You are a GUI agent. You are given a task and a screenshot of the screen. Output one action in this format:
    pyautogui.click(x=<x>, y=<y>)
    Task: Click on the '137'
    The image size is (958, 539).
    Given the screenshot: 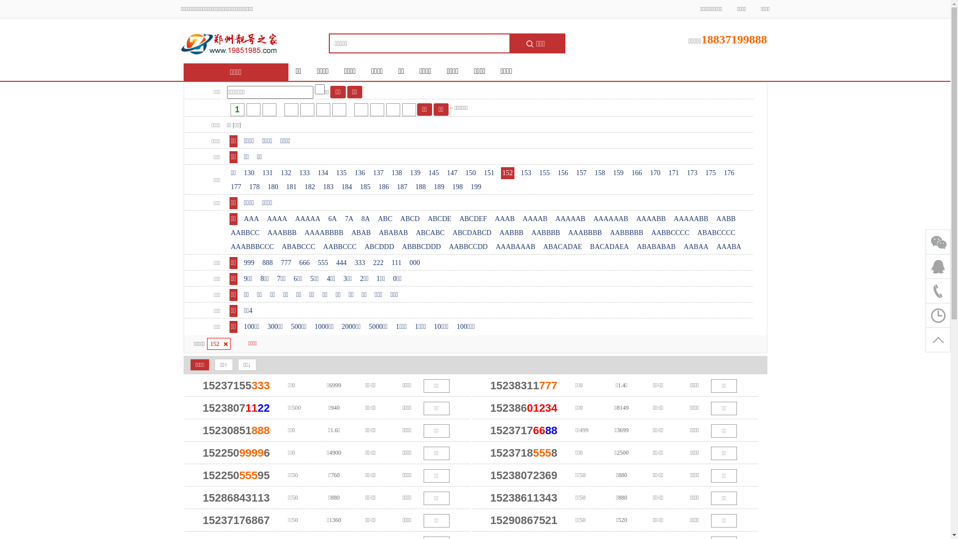 What is the action you would take?
    pyautogui.click(x=378, y=173)
    